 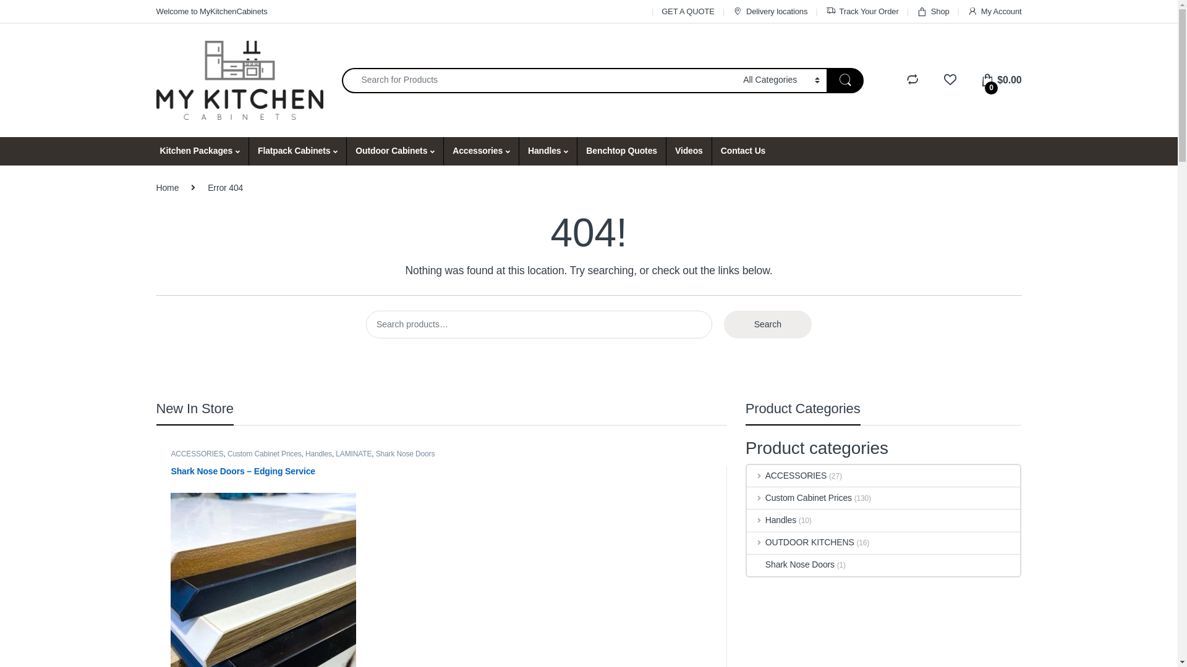 What do you see at coordinates (621, 151) in the screenshot?
I see `'Benchtop Quotes'` at bounding box center [621, 151].